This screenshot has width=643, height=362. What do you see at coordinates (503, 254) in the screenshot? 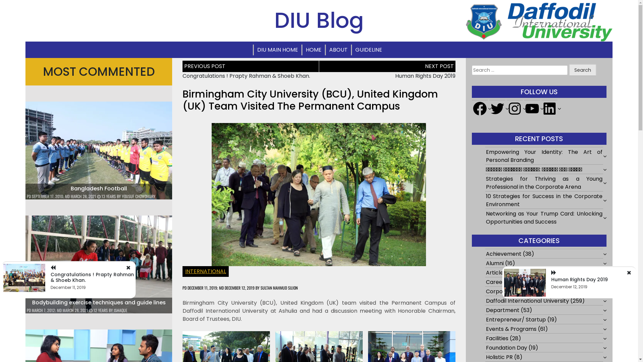
I see `'Achievement'` at bounding box center [503, 254].